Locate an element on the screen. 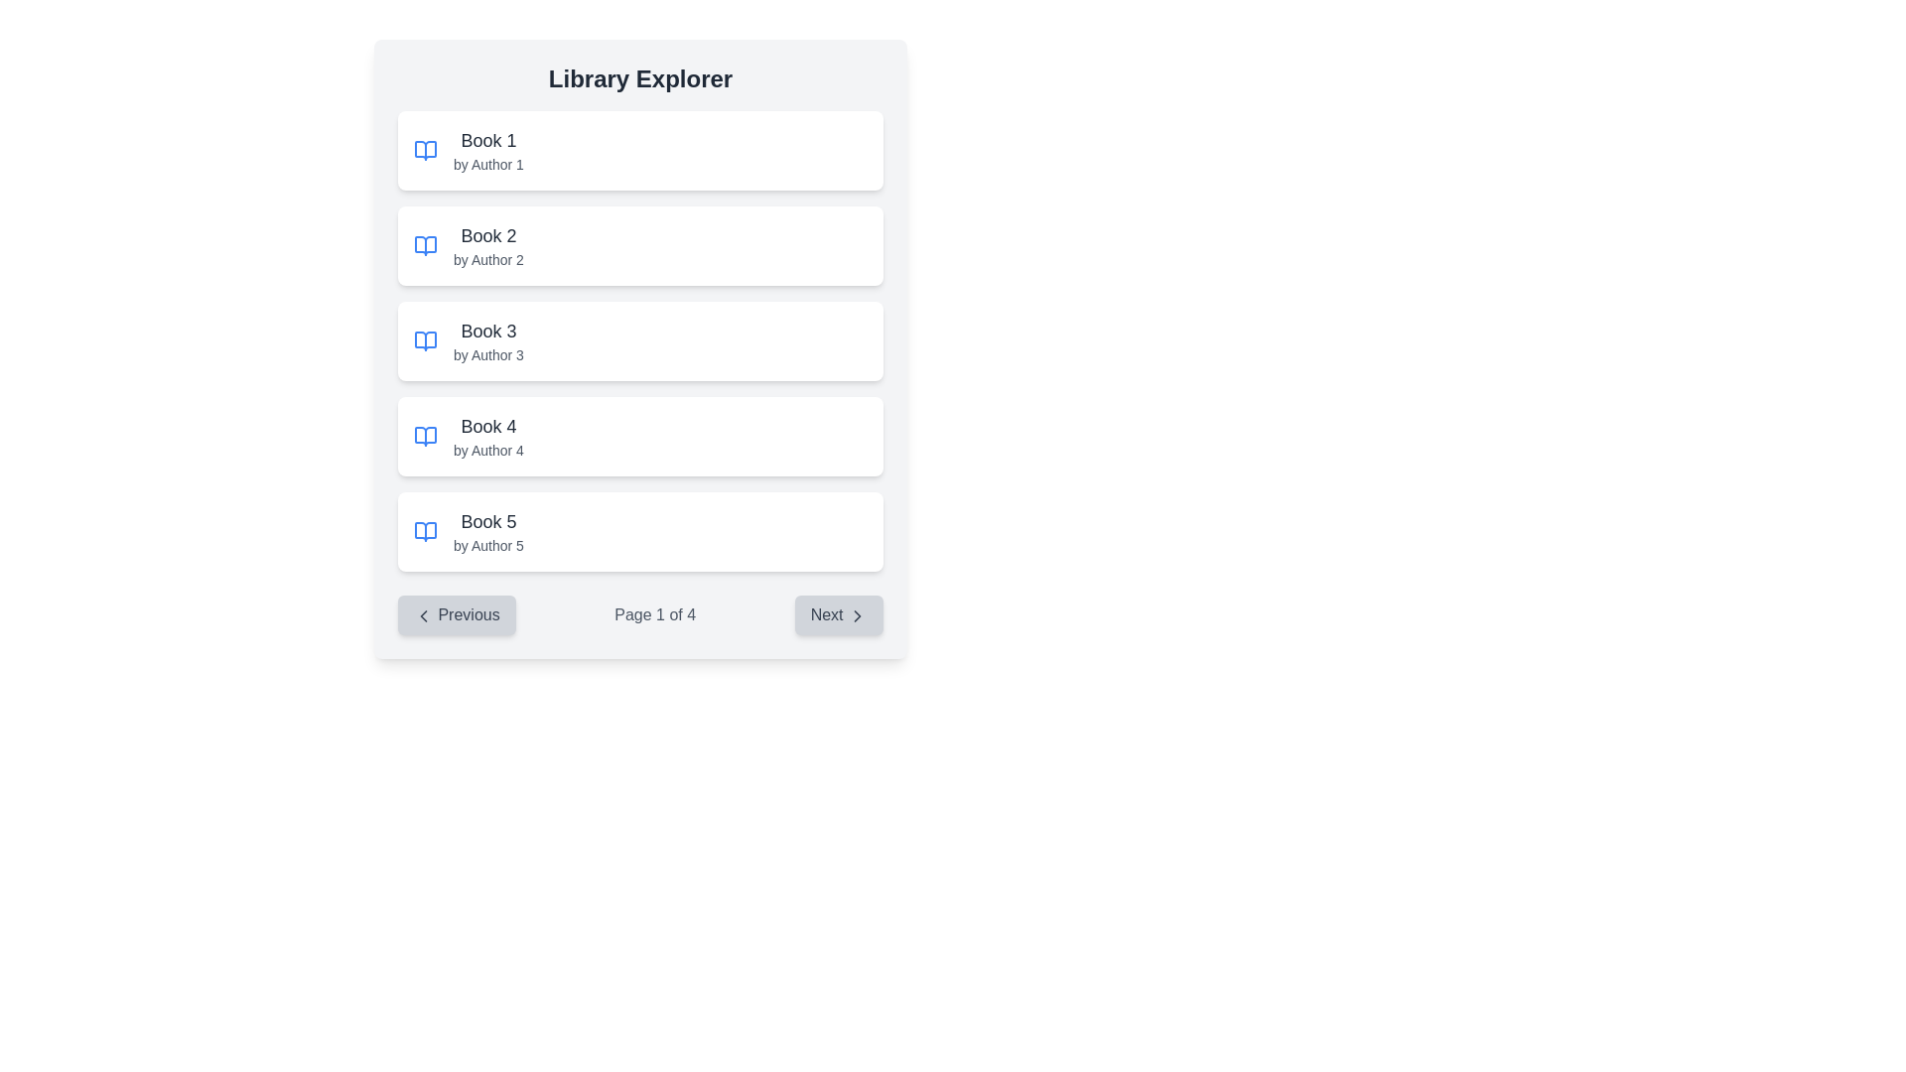 The image size is (1906, 1072). the book icon associated with the list item 'Book 2 by Author 2', located on the left side of the item is located at coordinates (424, 244).